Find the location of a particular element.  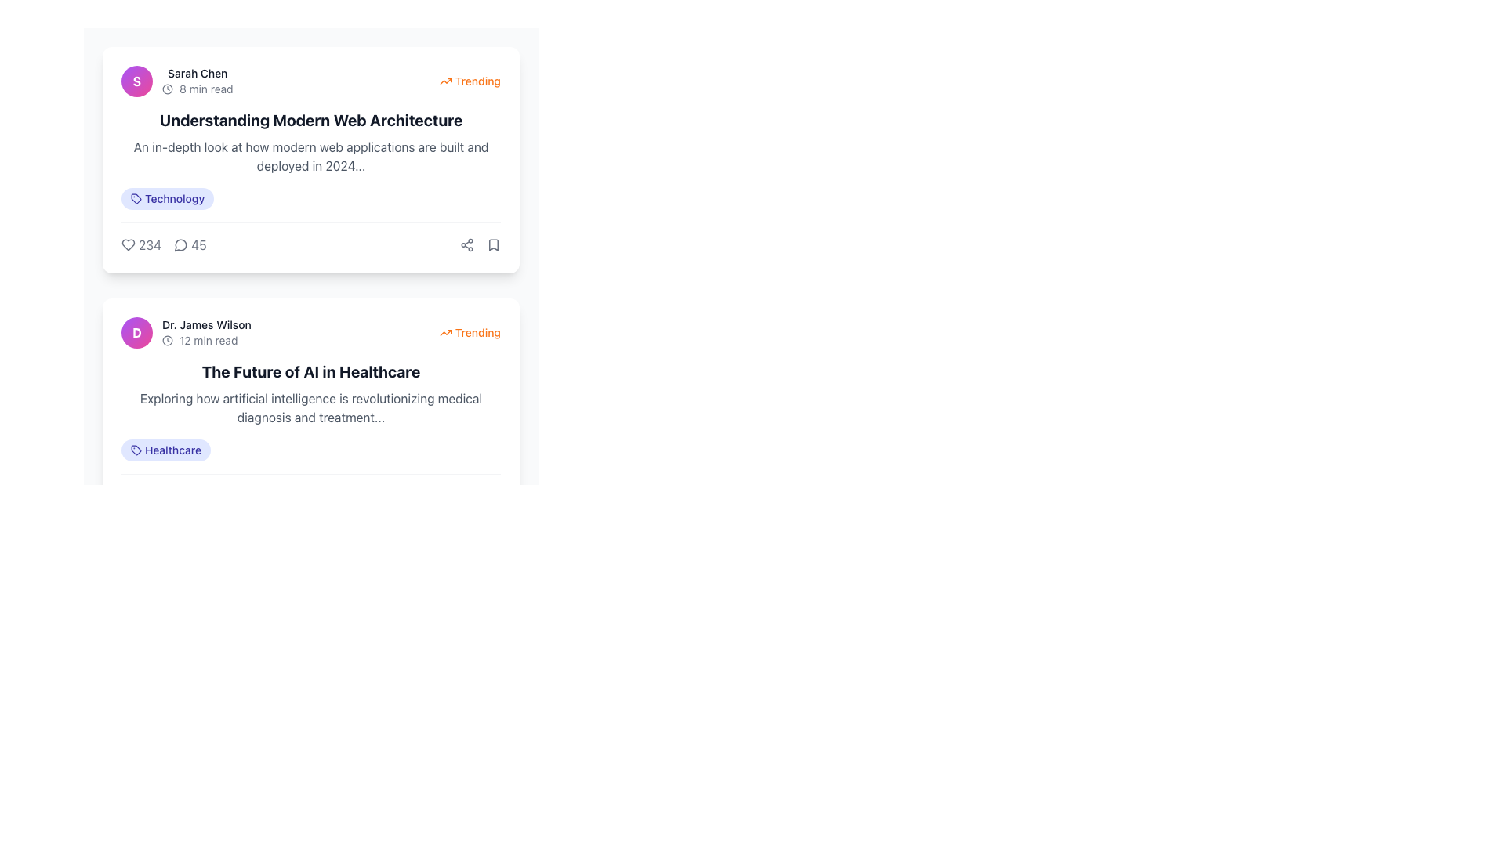

the informational text block displaying the article excerpt titled 'The Future of AI in Healthcare', which is styled as a clickable headline and located in the second article card beneath the author's name and 'Trending' label is located at coordinates (311, 392).